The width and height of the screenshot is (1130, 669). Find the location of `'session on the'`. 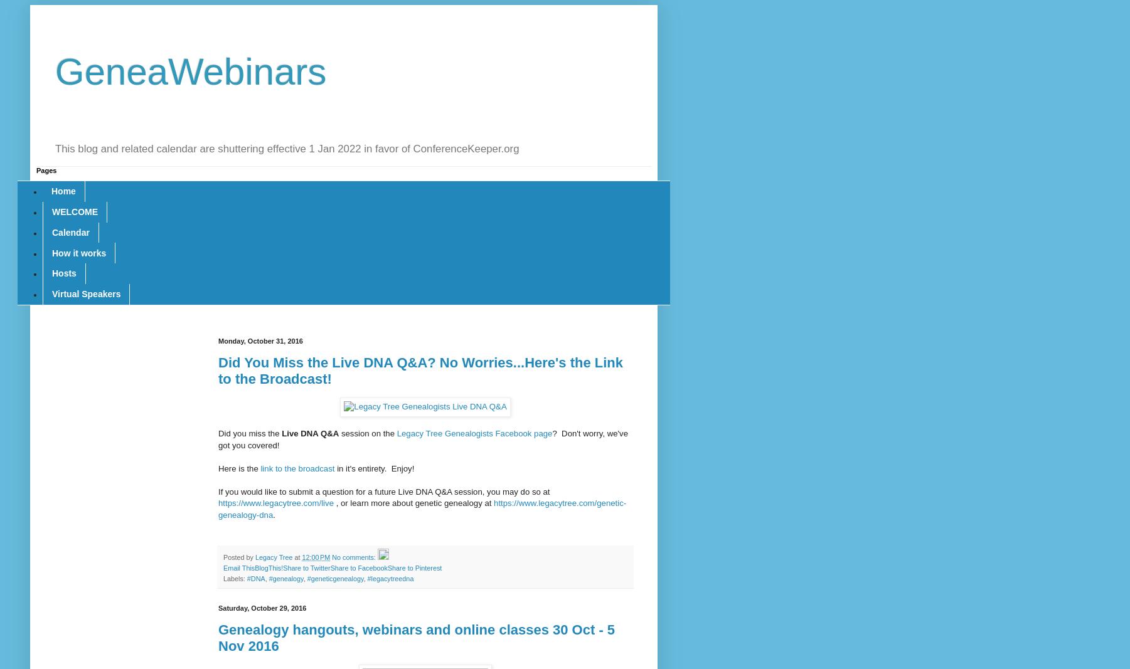

'session on the' is located at coordinates (366, 433).